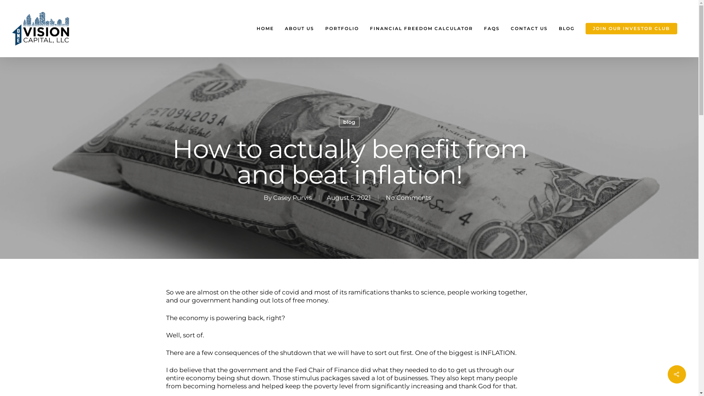 This screenshot has height=396, width=704. What do you see at coordinates (631, 28) in the screenshot?
I see `'JOIN OUR INVESTOR CLUB'` at bounding box center [631, 28].